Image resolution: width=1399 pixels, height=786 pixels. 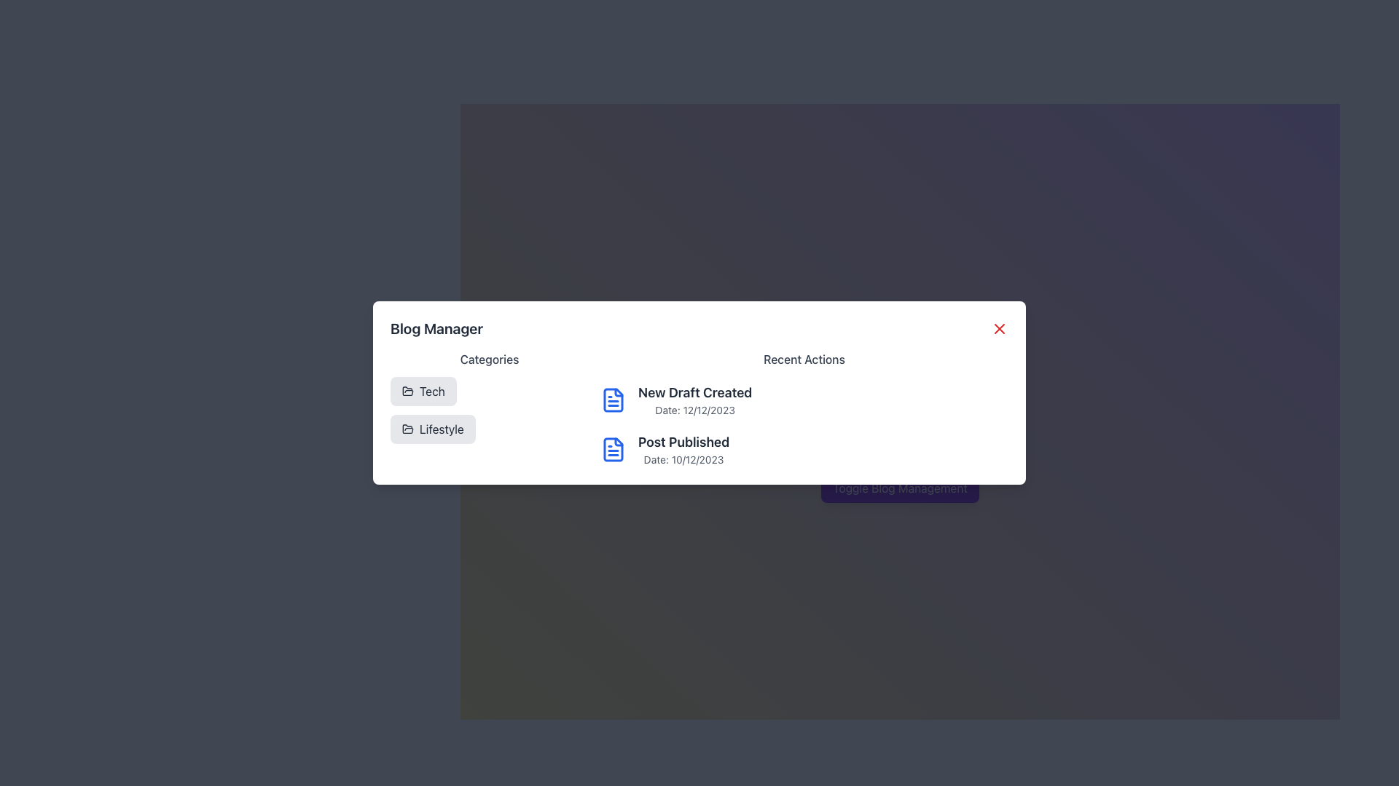 What do you see at coordinates (999, 328) in the screenshot?
I see `the bottom-left diagonal line of the 'X' icon representing the close button in the top-right corner of the modal dialog` at bounding box center [999, 328].